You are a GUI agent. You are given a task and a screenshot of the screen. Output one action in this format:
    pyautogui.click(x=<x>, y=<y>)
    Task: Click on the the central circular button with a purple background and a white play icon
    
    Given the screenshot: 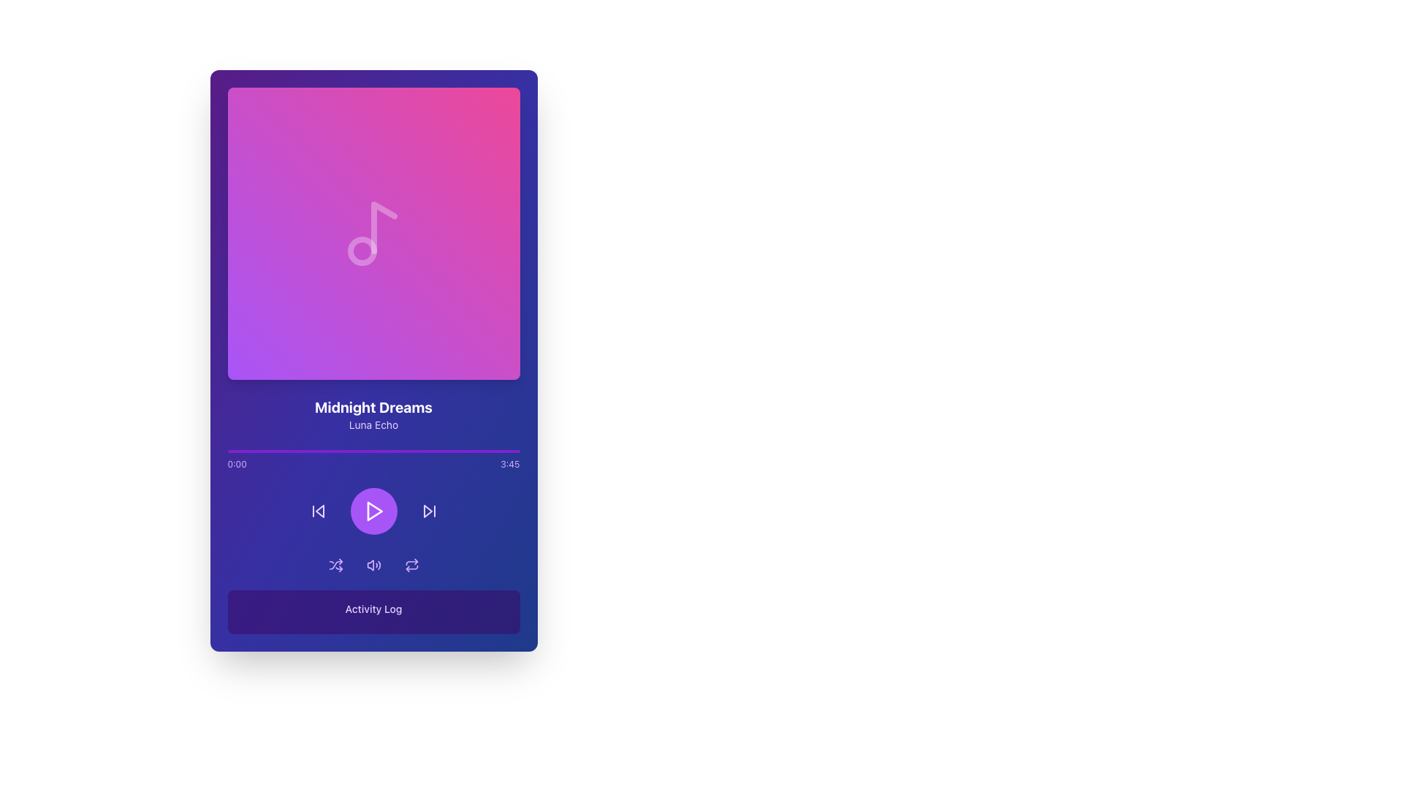 What is the action you would take?
    pyautogui.click(x=373, y=510)
    